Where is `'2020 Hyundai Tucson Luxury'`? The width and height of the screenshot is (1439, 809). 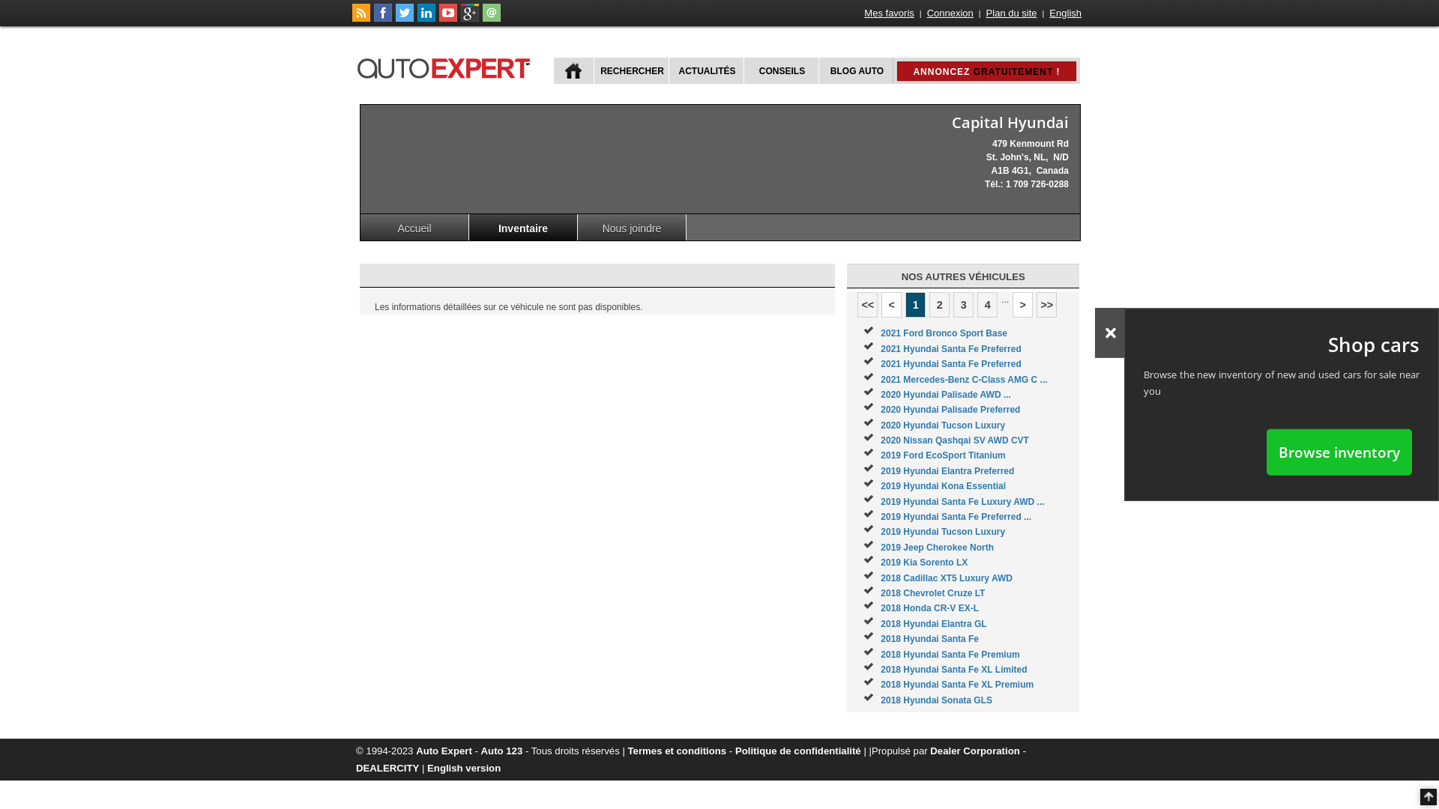
'2020 Hyundai Tucson Luxury' is located at coordinates (881, 425).